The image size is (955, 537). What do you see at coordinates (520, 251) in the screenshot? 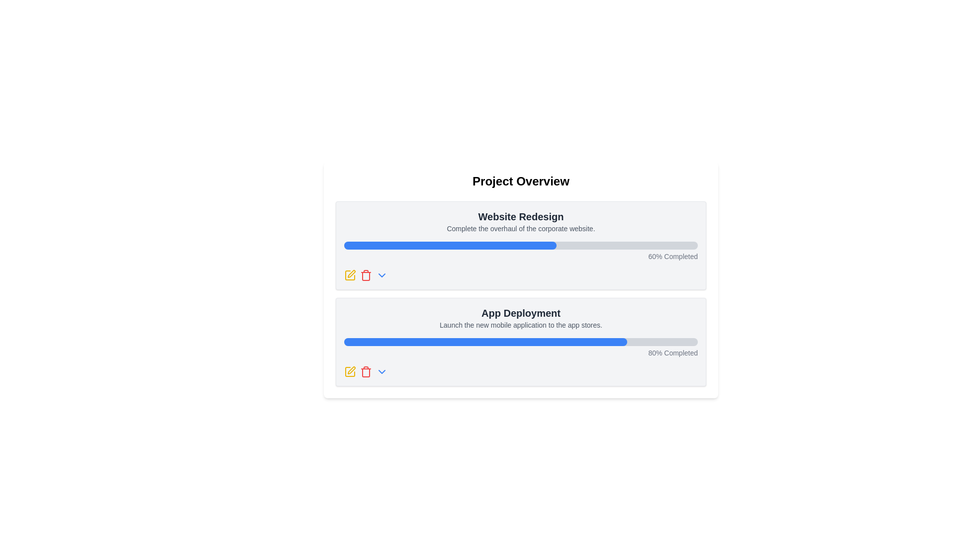
I see `percentage completion text from the progress bar labeled 'Website Redesign', which is located at the center of the progress tracking section` at bounding box center [520, 251].